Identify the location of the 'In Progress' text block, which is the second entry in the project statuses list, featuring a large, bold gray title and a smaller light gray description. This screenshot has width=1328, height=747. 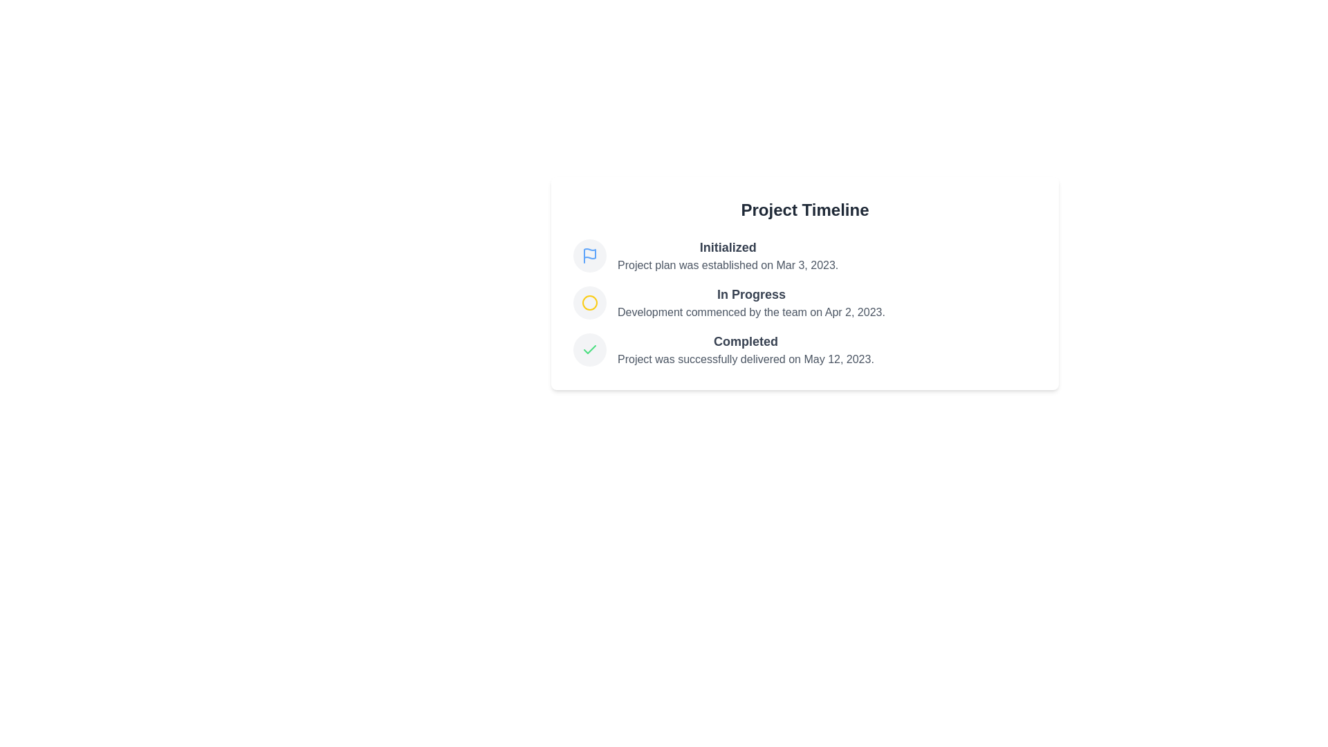
(750, 302).